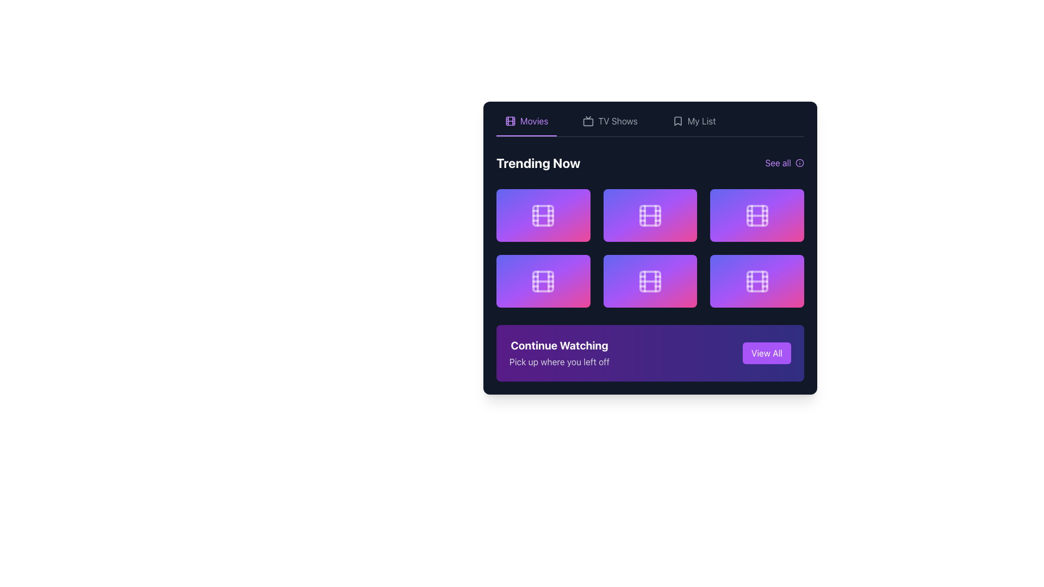 This screenshot has width=1044, height=587. What do you see at coordinates (650, 280) in the screenshot?
I see `the media content card in the 'Trending Now' section, located in the second row and second column of the grid layout` at bounding box center [650, 280].